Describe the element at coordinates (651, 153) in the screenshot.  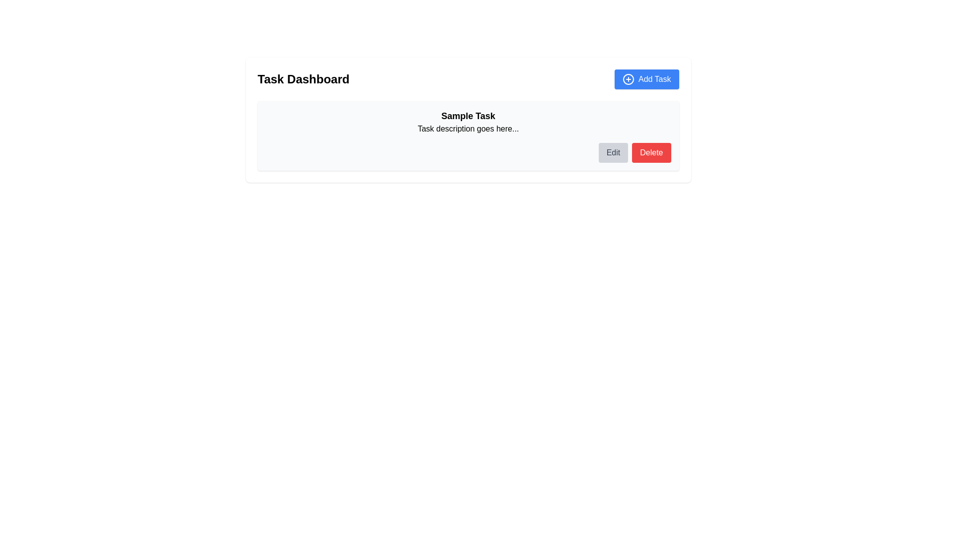
I see `the delete button located to the right of the 'Edit' button in the bottom-right corner of the task card using keyboard navigation` at that location.